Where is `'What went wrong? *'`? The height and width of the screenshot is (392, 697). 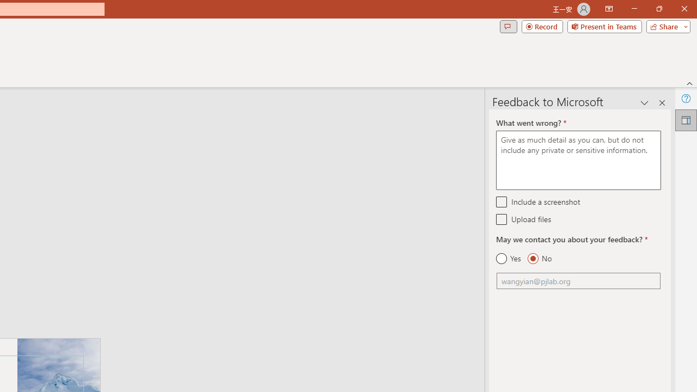 'What went wrong? *' is located at coordinates (578, 160).